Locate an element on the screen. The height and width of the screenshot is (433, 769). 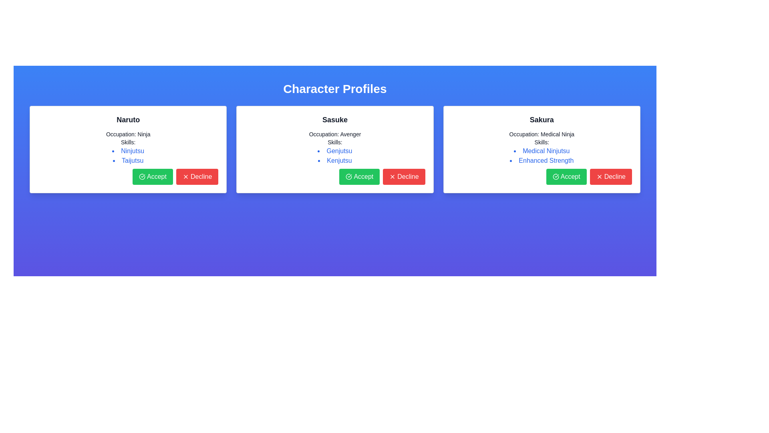
the text element displaying the name 'Sasuke', which serves as a title for the associated profile card, located in the upper part of the middle panel is located at coordinates (335, 120).